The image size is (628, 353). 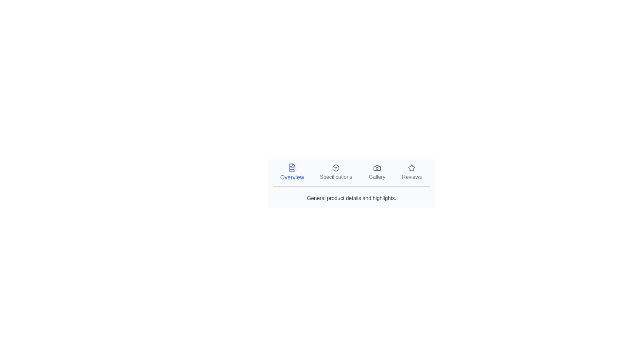 I want to click on the Overview tab, so click(x=292, y=172).